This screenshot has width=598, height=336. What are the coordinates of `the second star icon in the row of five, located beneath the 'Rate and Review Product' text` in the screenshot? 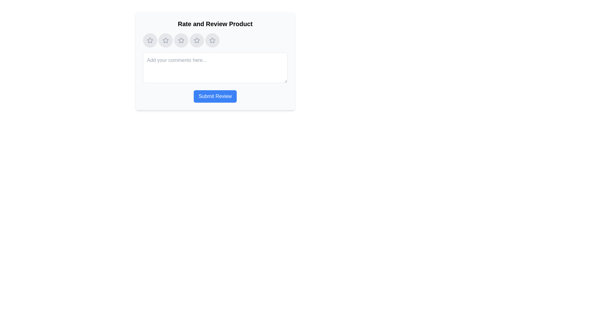 It's located at (166, 40).